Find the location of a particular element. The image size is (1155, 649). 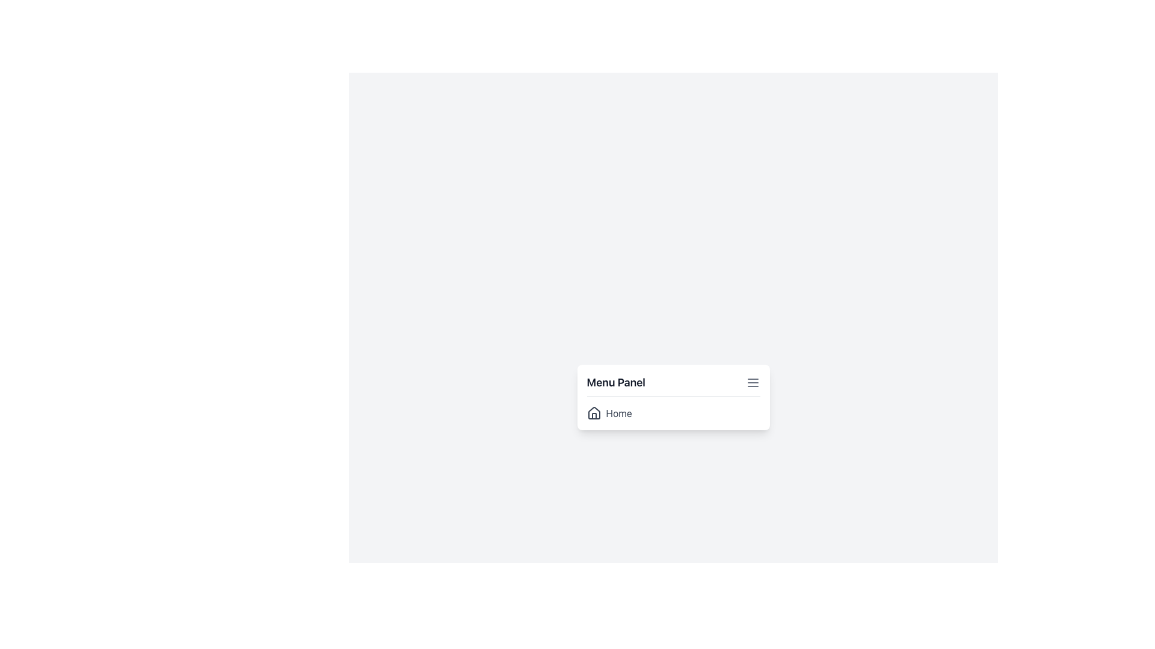

text label displaying 'Home' in the navigation menu located in the bottom-right area of the interface is located at coordinates (619, 412).